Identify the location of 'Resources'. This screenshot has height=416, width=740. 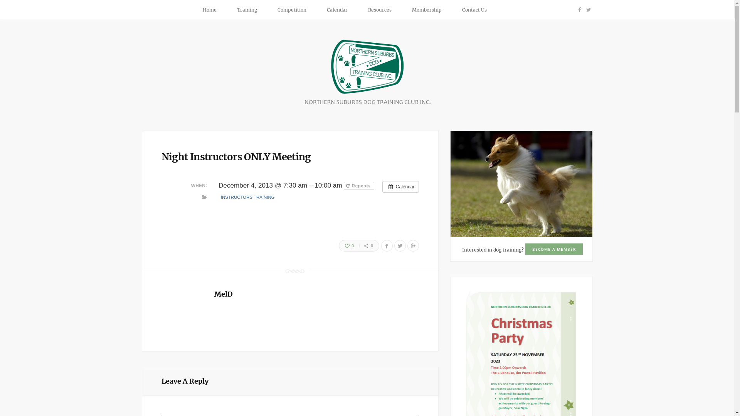
(361, 10).